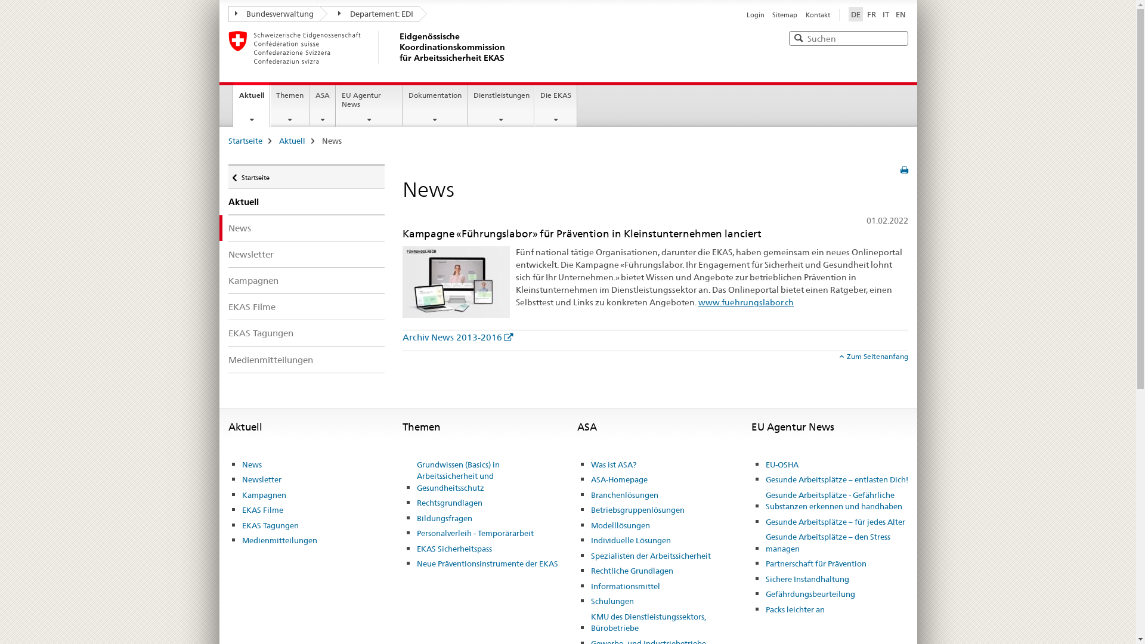 Image resolution: width=1145 pixels, height=644 pixels. I want to click on 'DE', so click(855, 14).